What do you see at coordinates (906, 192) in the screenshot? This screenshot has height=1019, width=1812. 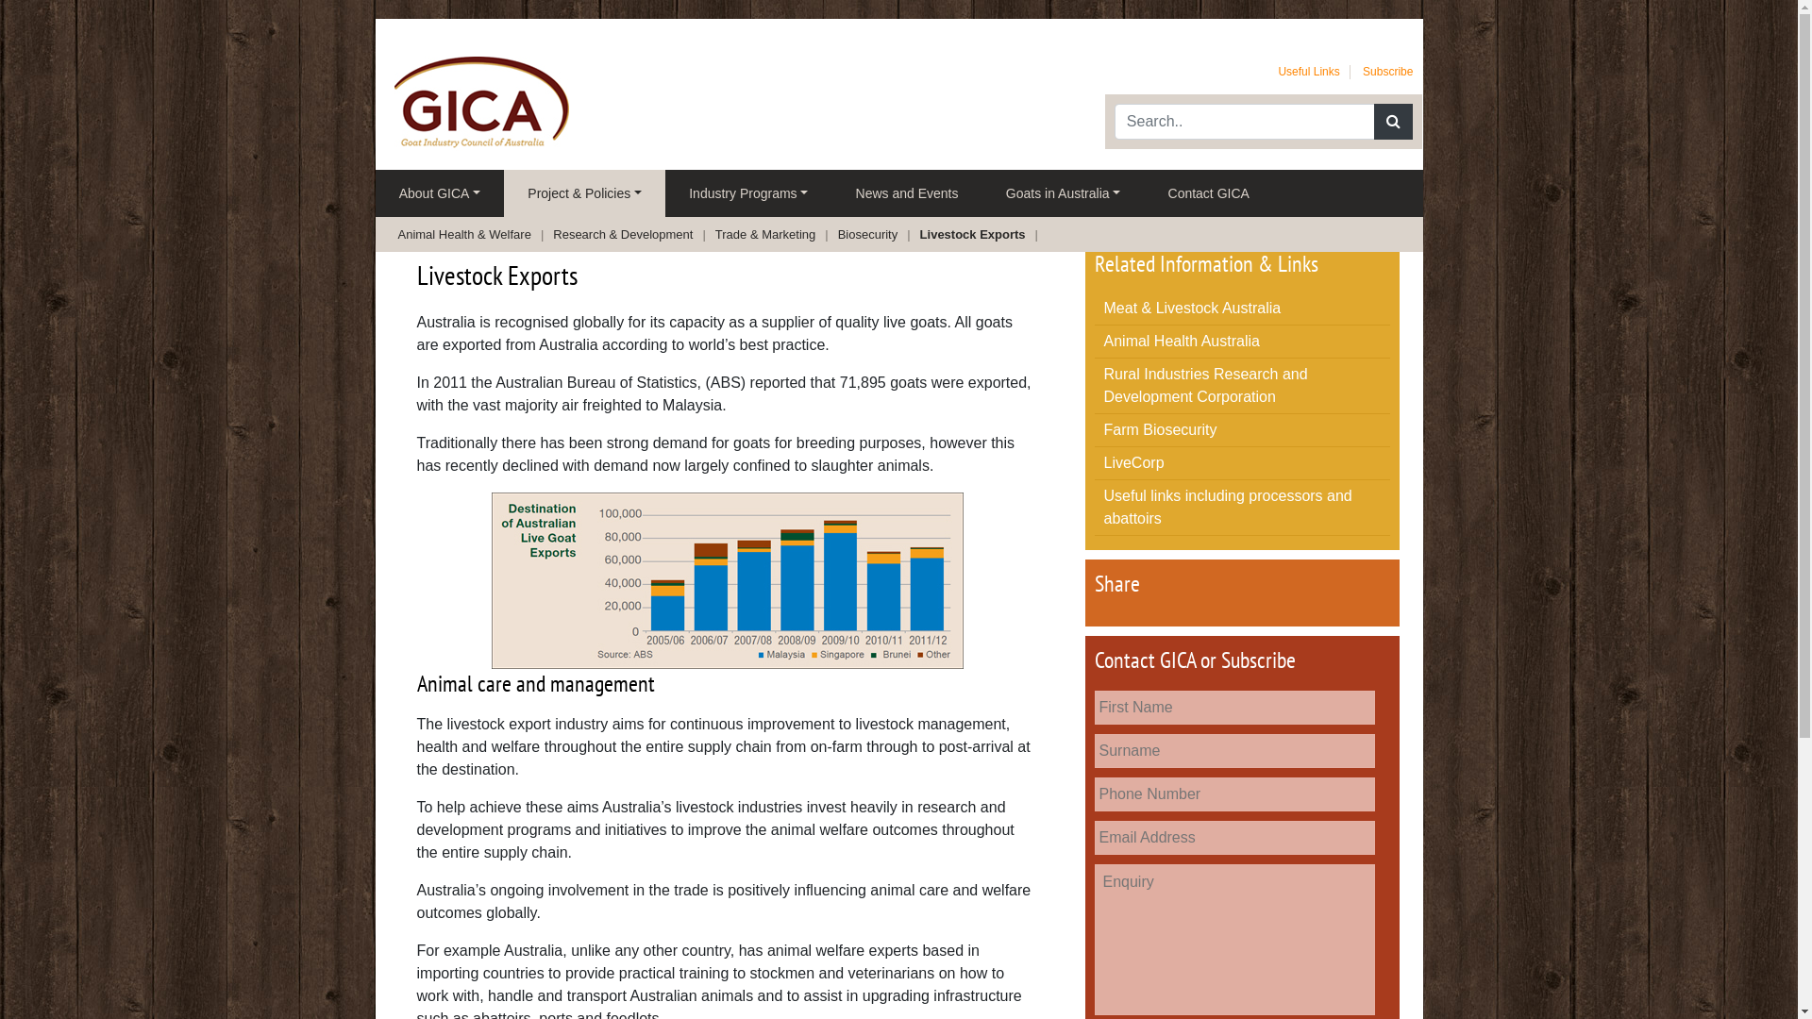 I see `'News and Events'` at bounding box center [906, 192].